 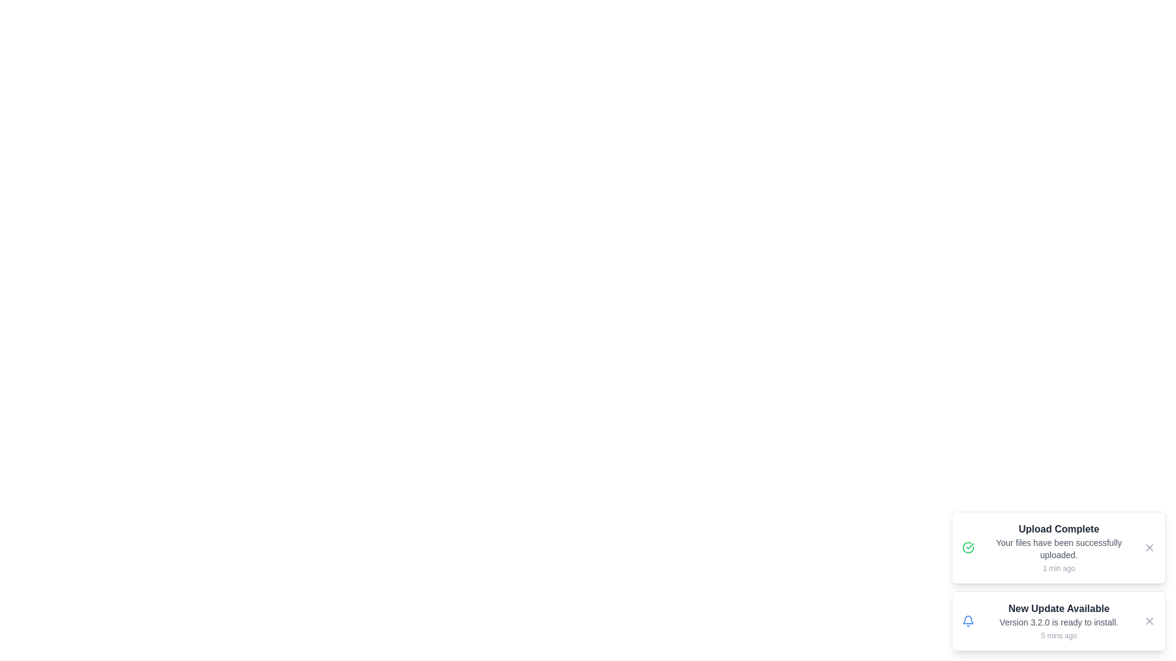 I want to click on the text label that reads 'Your files have been successfully uploaded.' located beneath the 'Upload Complete' heading in the notification card, so click(x=1058, y=548).